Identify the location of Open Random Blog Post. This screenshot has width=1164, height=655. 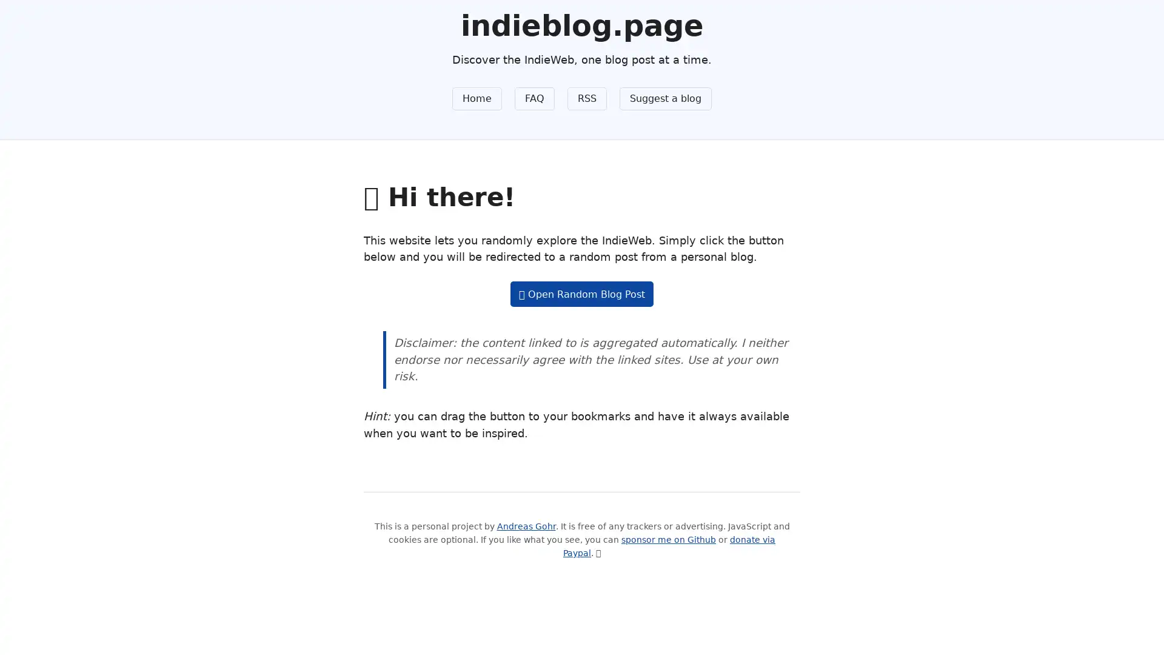
(581, 294).